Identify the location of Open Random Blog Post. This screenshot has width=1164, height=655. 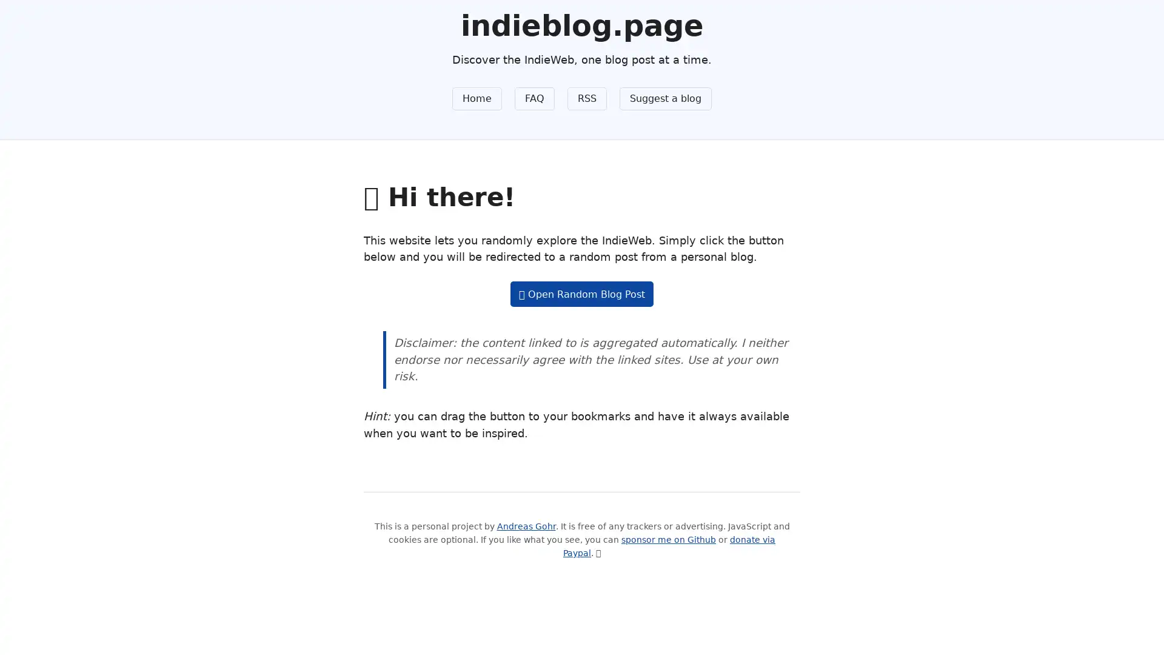
(581, 294).